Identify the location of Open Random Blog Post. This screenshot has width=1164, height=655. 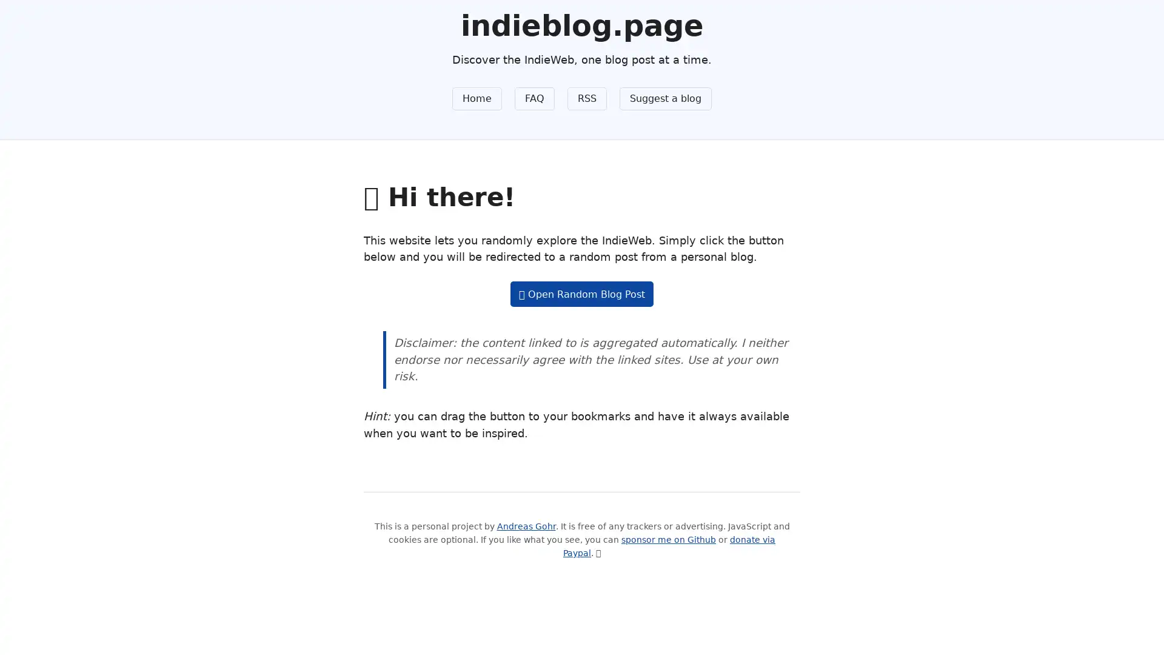
(581, 294).